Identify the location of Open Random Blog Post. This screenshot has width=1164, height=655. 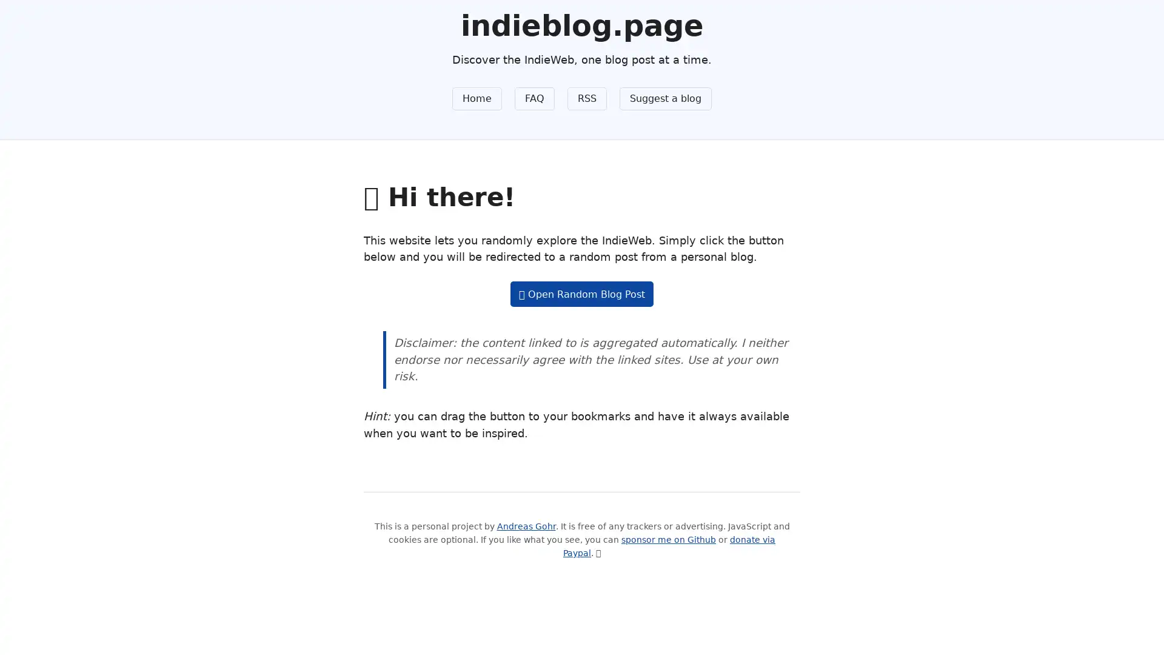
(581, 294).